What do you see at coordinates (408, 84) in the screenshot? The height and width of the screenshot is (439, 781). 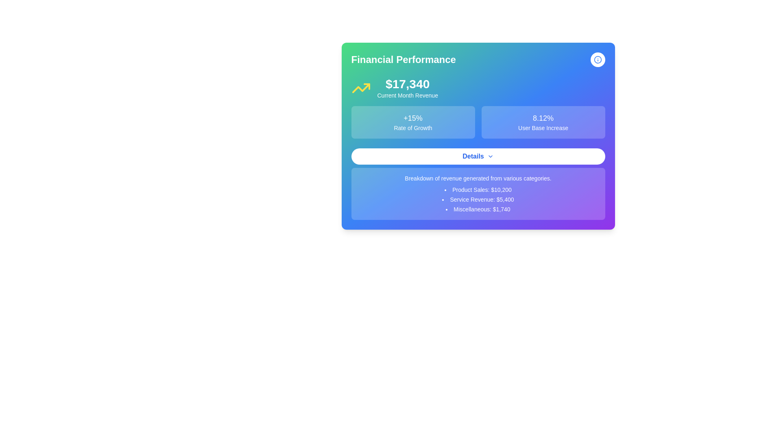 I see `the Text Label displaying '$17,340' in a large, bold font, located near the top of the 'Financial Performance' card, above the 'Current Month Revenue' label` at bounding box center [408, 84].